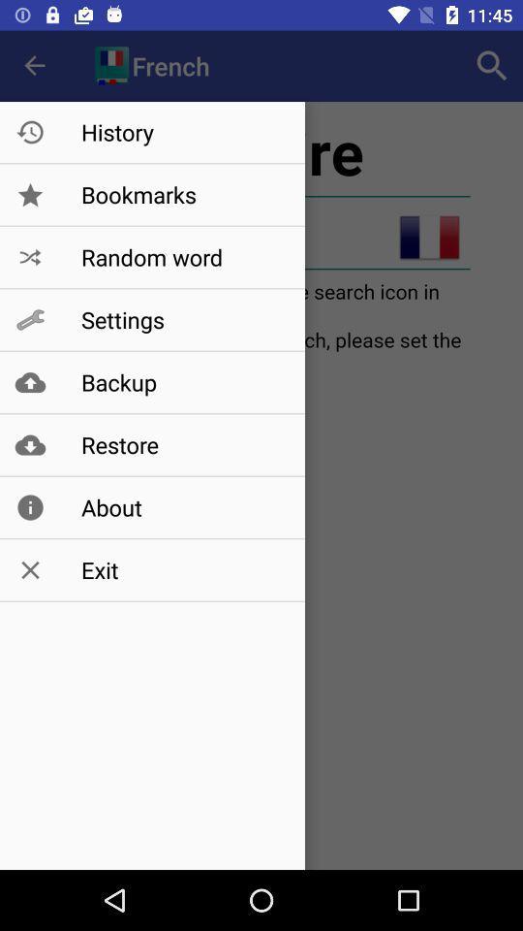  What do you see at coordinates (492, 66) in the screenshot?
I see `item next to history item` at bounding box center [492, 66].